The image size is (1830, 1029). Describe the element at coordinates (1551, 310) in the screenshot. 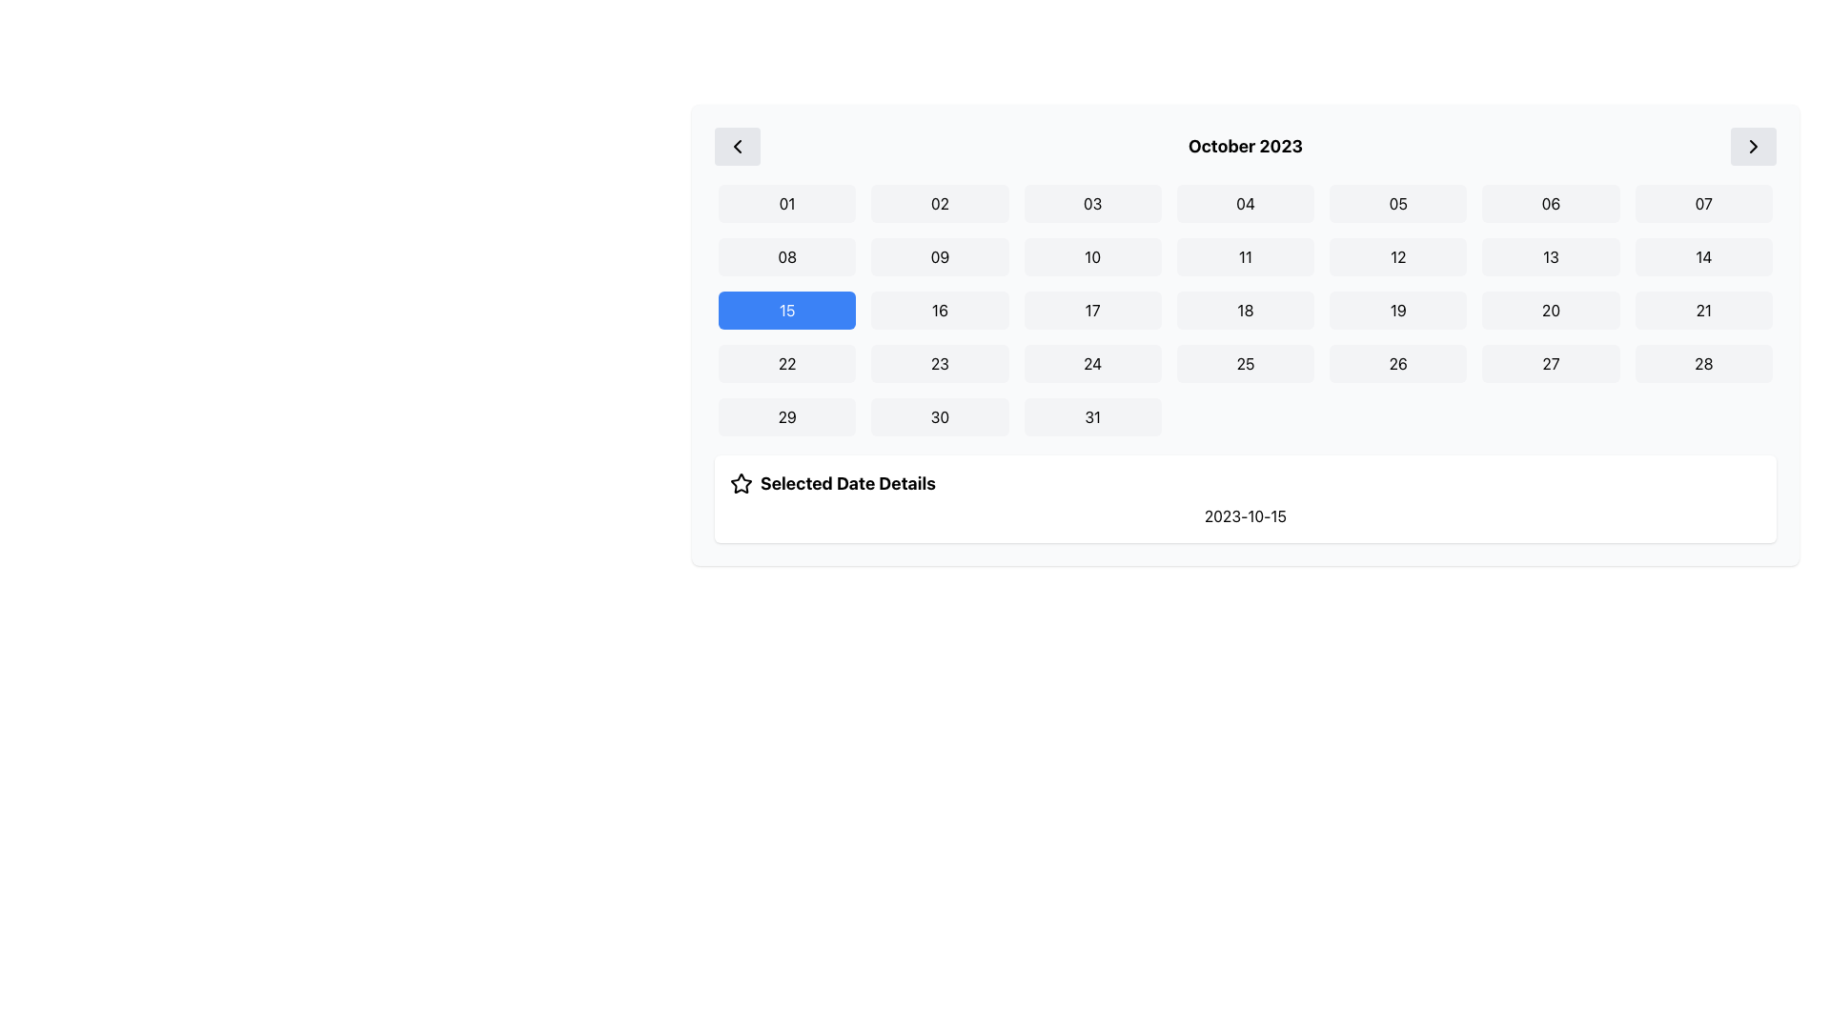

I see `the button labeled '20' in the calendar interface` at that location.